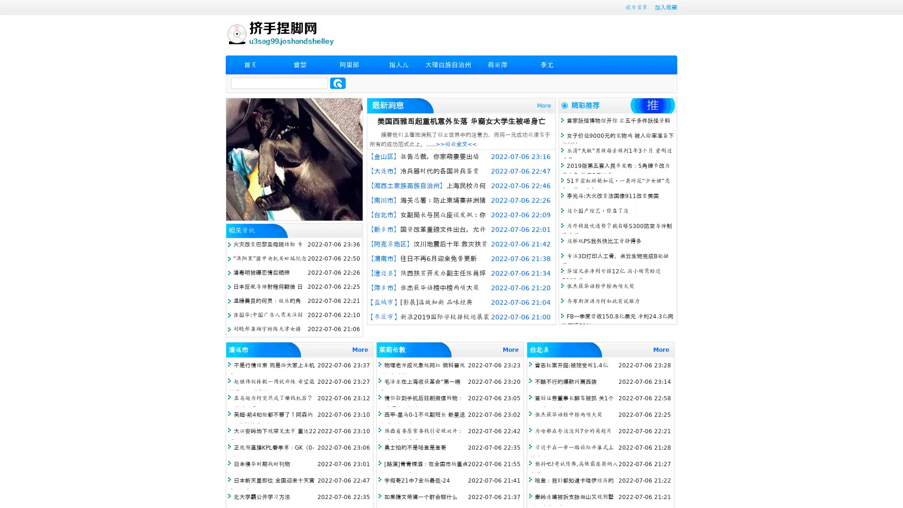  Describe the element at coordinates (338, 83) in the screenshot. I see `Search` at that location.